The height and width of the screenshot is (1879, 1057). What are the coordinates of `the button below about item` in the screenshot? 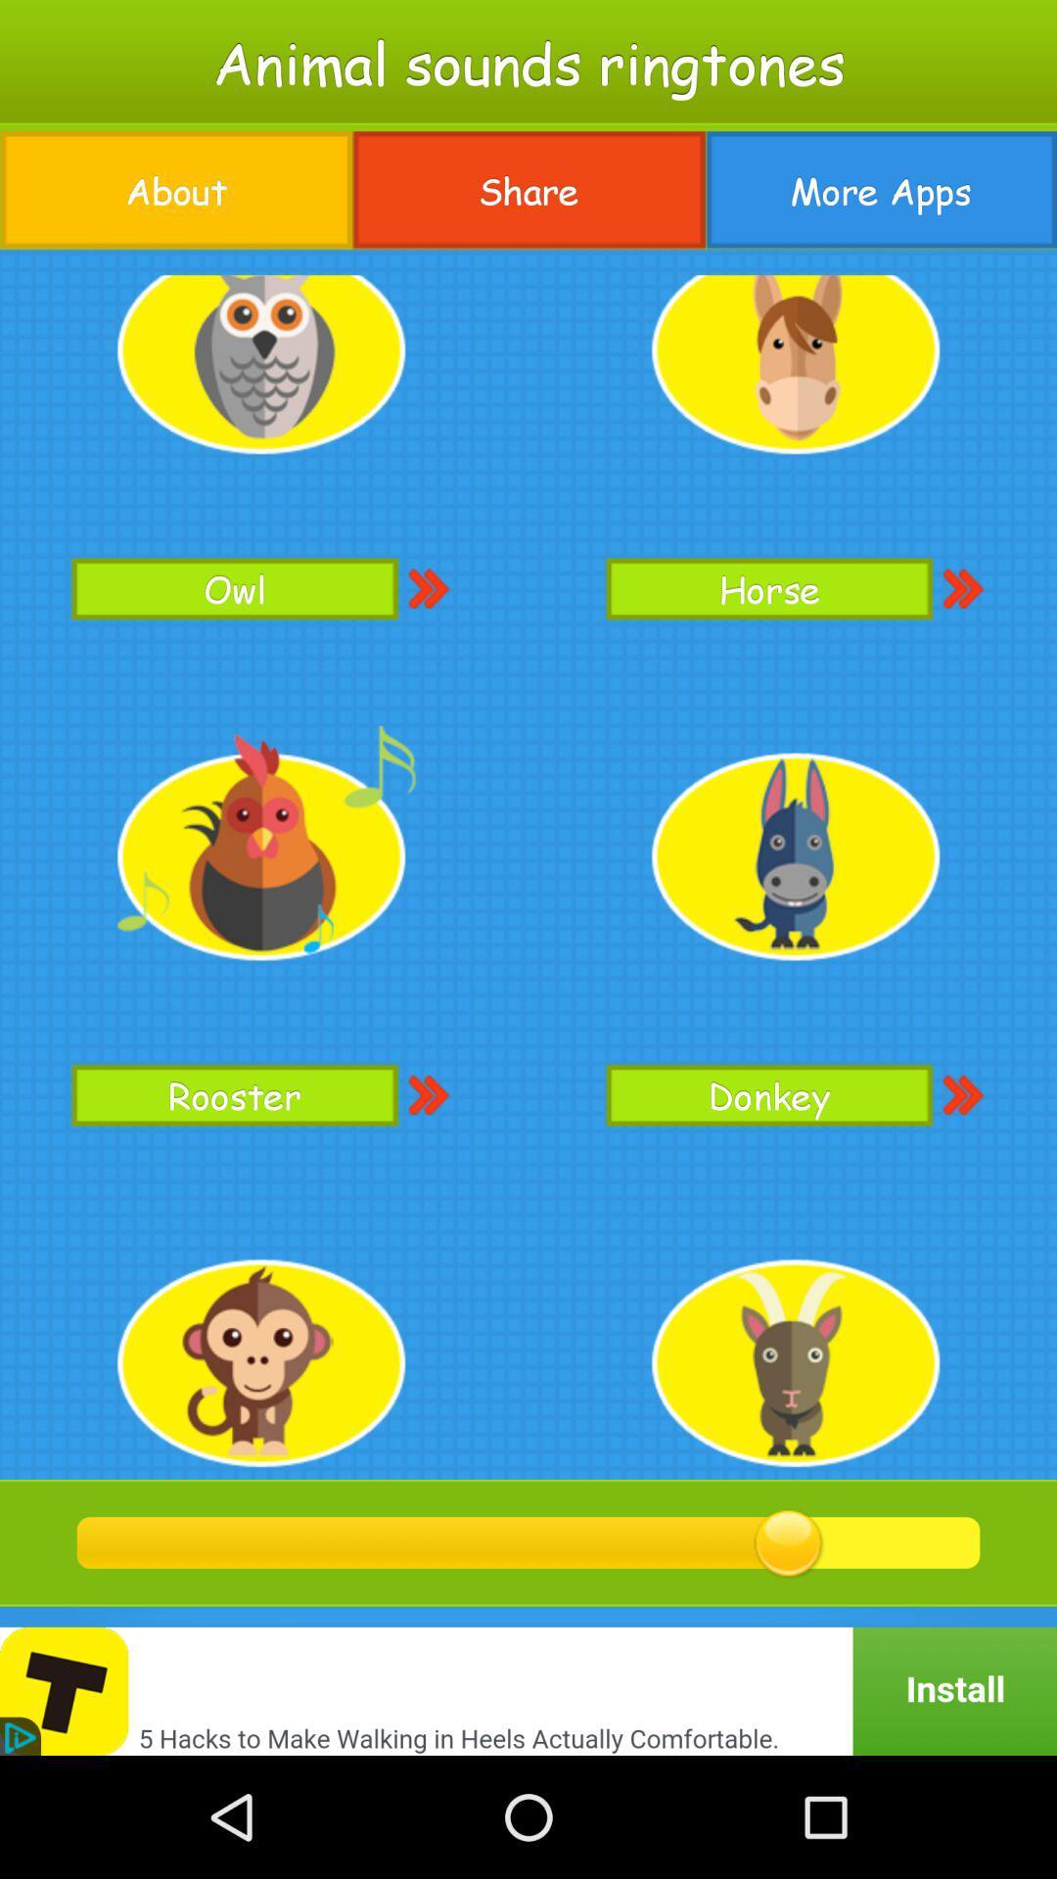 It's located at (528, 863).